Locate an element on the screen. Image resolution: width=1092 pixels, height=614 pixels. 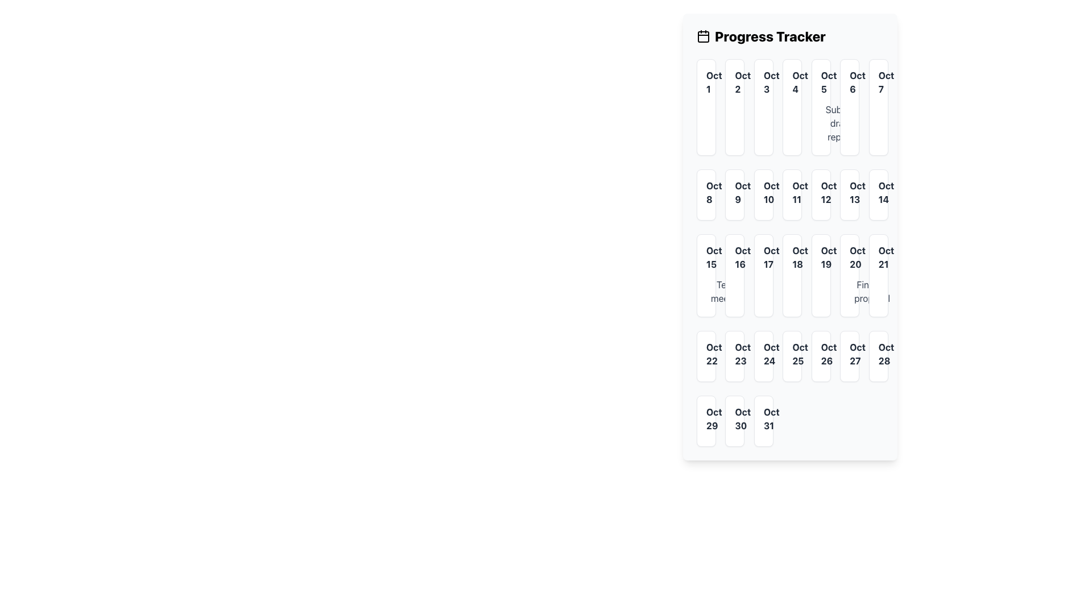
the interactive calendar cell labeled 'Oct 1' is located at coordinates (706, 107).